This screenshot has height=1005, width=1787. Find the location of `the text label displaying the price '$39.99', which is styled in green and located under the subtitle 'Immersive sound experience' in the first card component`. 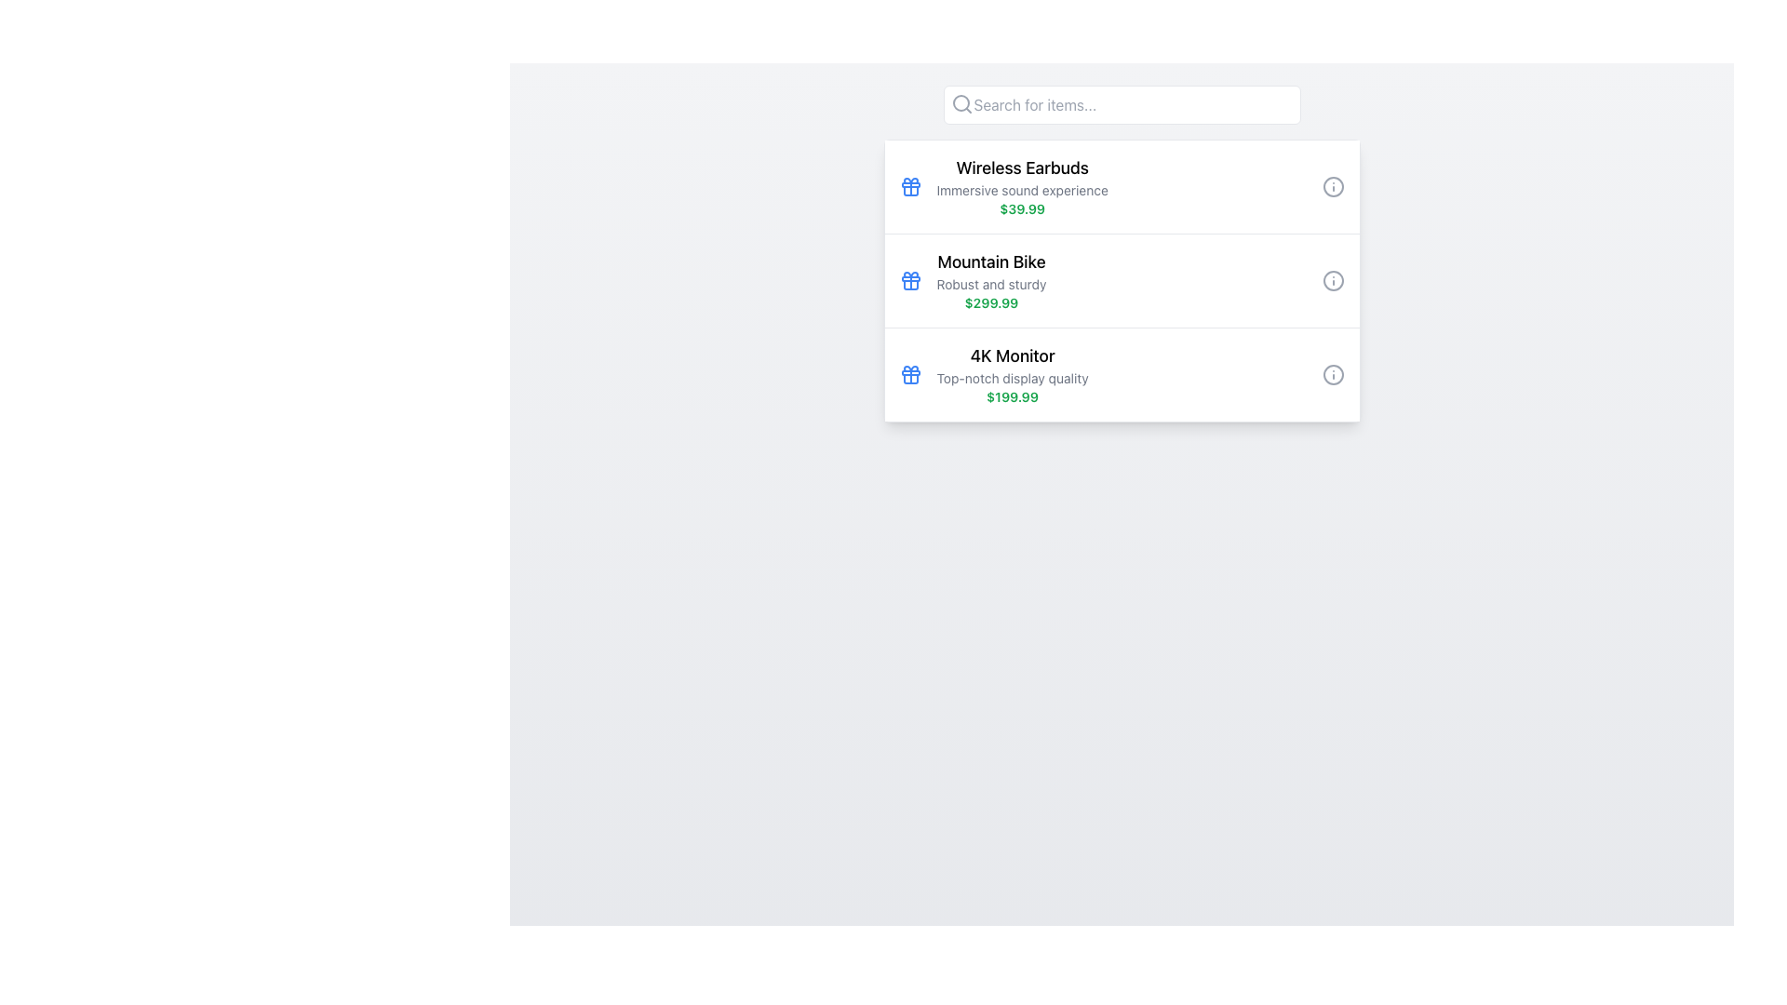

the text label displaying the price '$39.99', which is styled in green and located under the subtitle 'Immersive sound experience' in the first card component is located at coordinates (1021, 208).